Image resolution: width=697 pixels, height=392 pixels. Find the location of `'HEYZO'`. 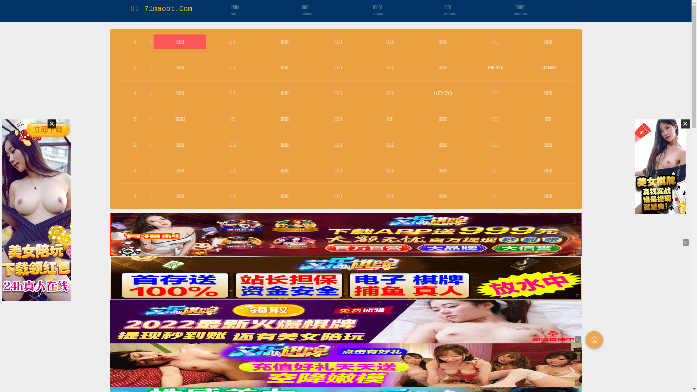

'HEYZO' is located at coordinates (433, 93).